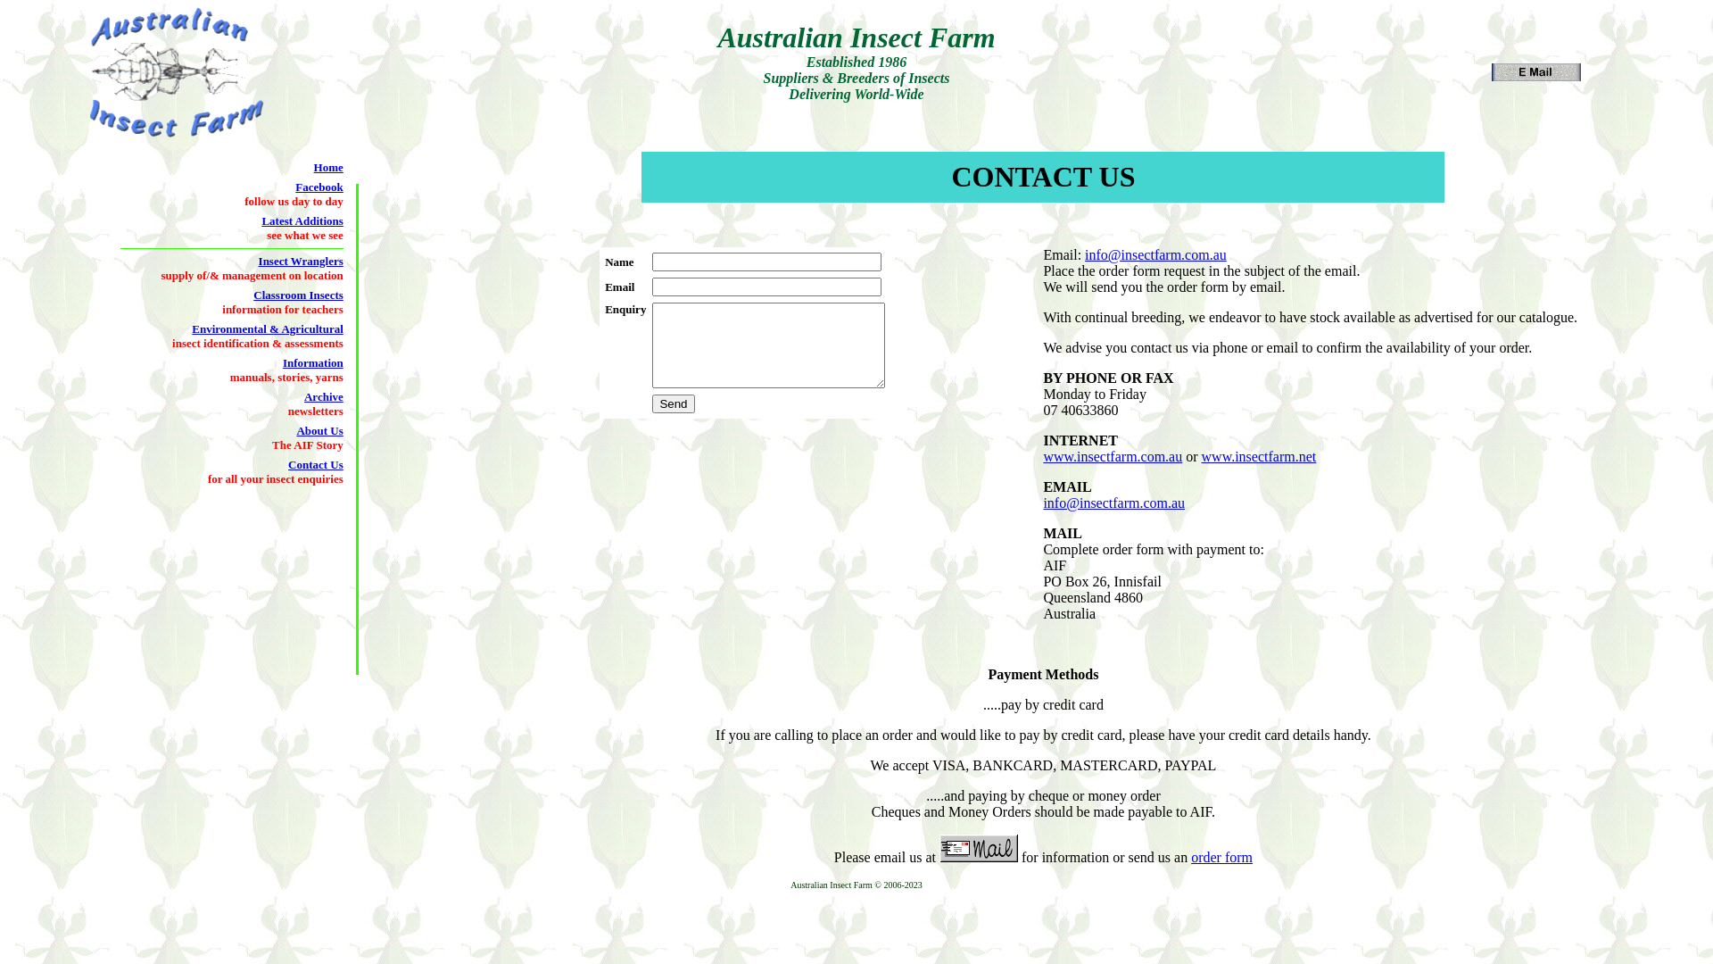 The image size is (1713, 964). I want to click on 'Insect Wranglers', so click(257, 261).